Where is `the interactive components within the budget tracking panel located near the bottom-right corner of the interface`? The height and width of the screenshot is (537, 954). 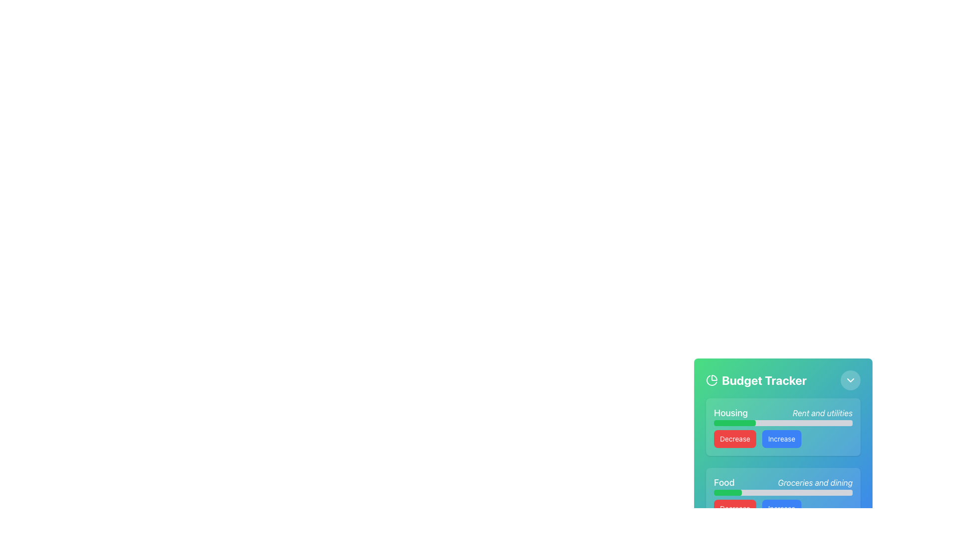 the interactive components within the budget tracking panel located near the bottom-right corner of the interface is located at coordinates (783, 427).